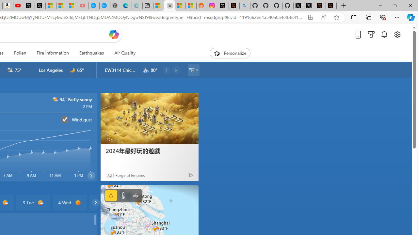  Describe the element at coordinates (309, 6) in the screenshot. I see `'GitHub (@github) / X'` at that location.